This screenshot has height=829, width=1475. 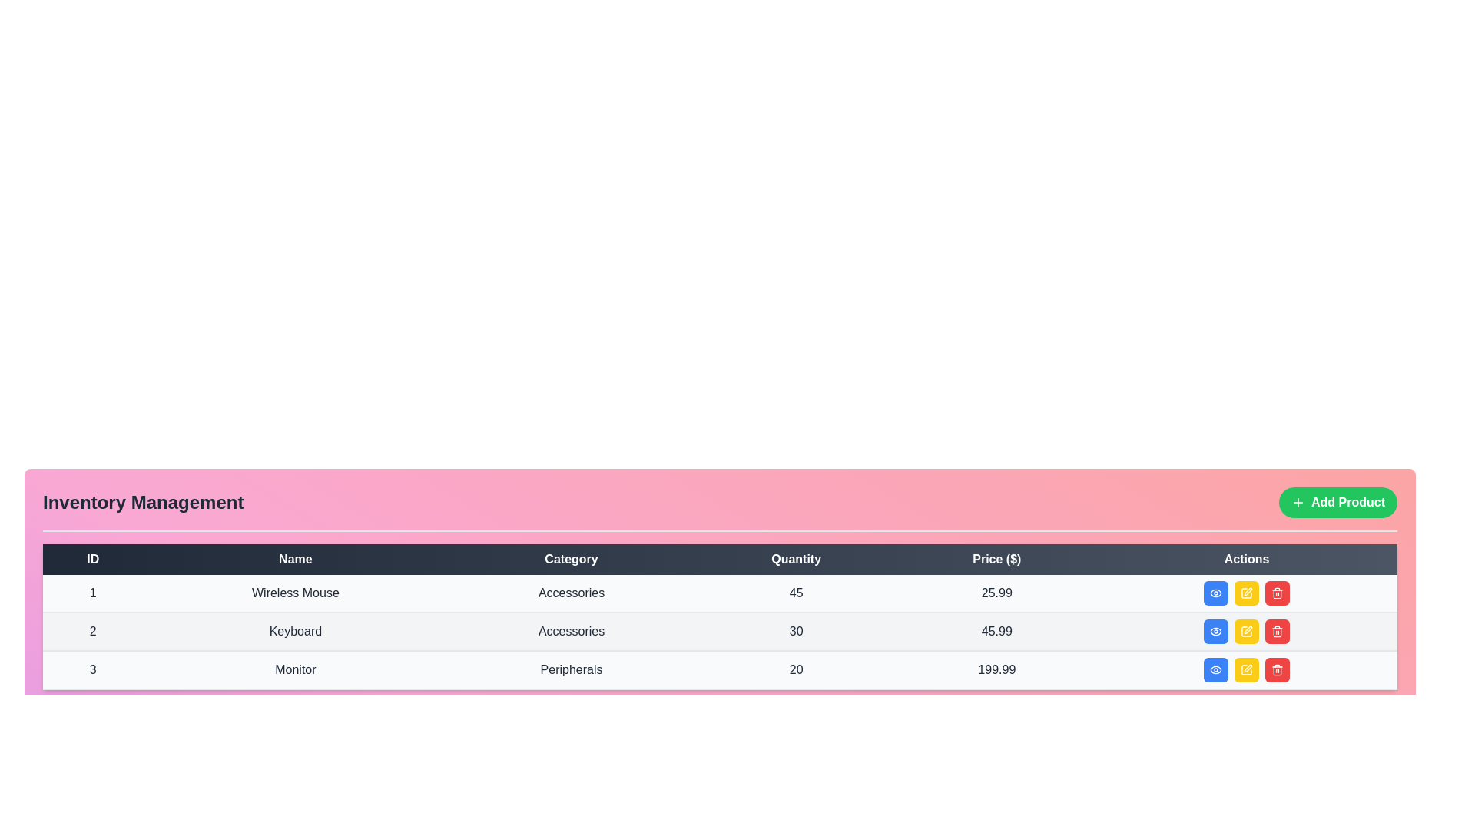 I want to click on the 'Add Product' button located at the far right end of the header section, aligned horizontally with the 'Inventory Management' title, to initiate the addition of a product, so click(x=1337, y=503).